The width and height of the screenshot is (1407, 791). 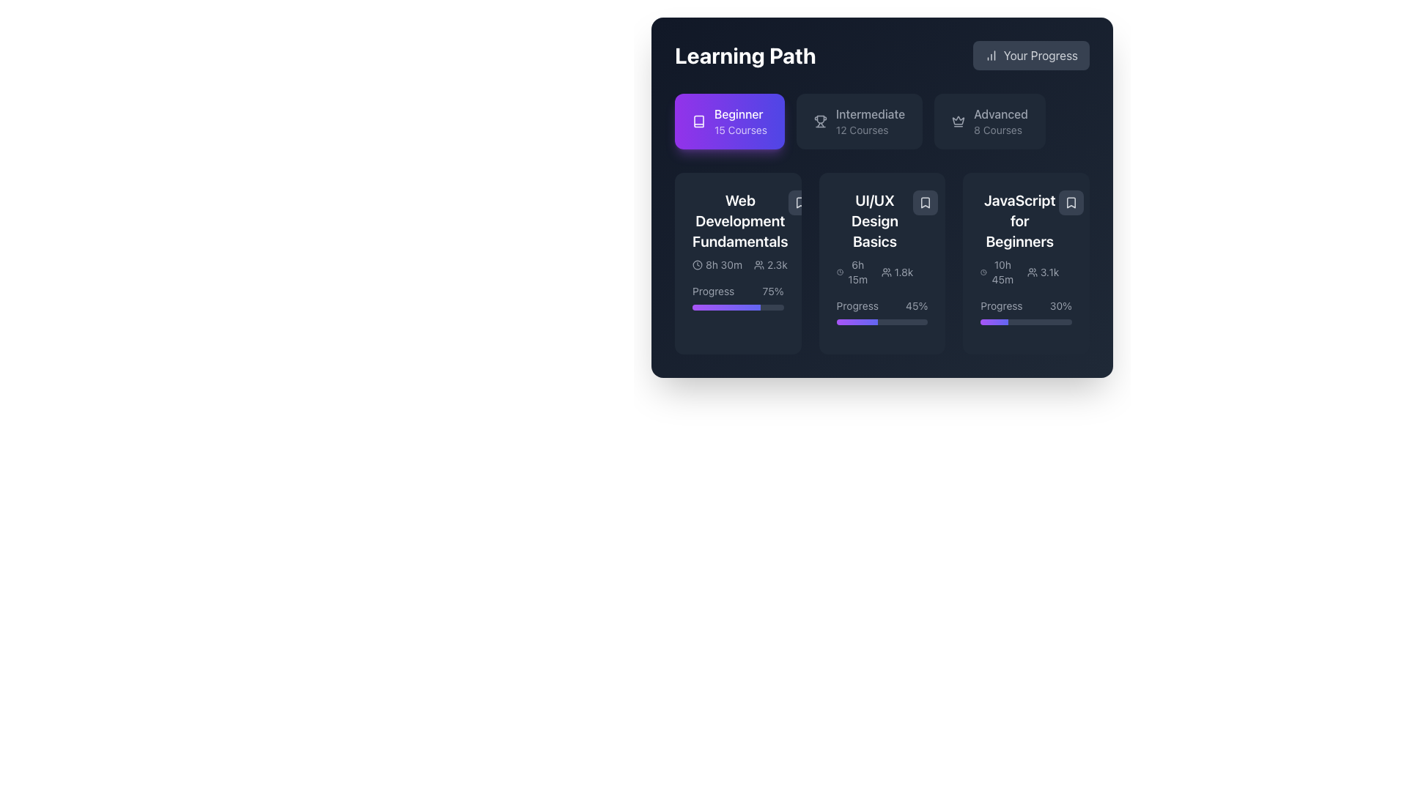 What do you see at coordinates (744, 307) in the screenshot?
I see `the progress` at bounding box center [744, 307].